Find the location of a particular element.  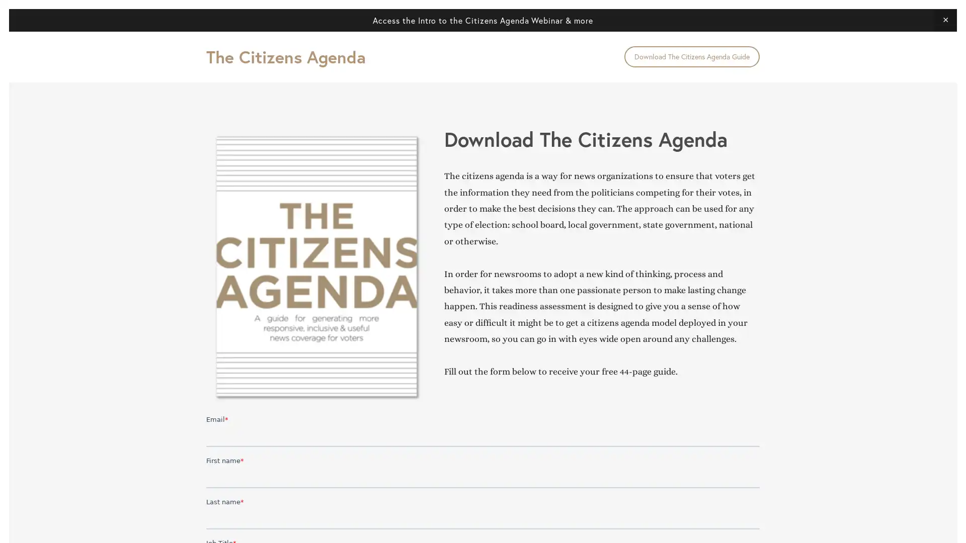

Close Announcement is located at coordinates (945, 20).